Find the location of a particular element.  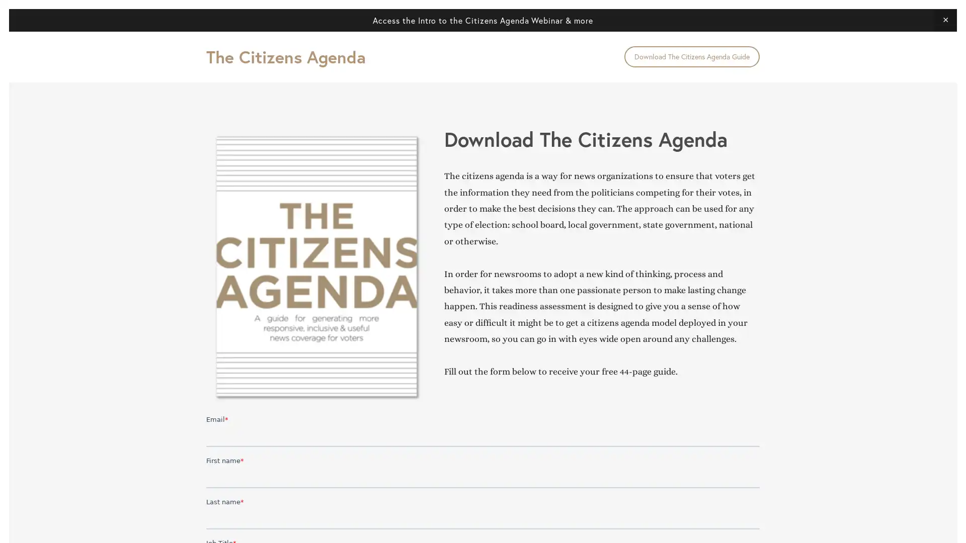

Close Announcement is located at coordinates (945, 20).